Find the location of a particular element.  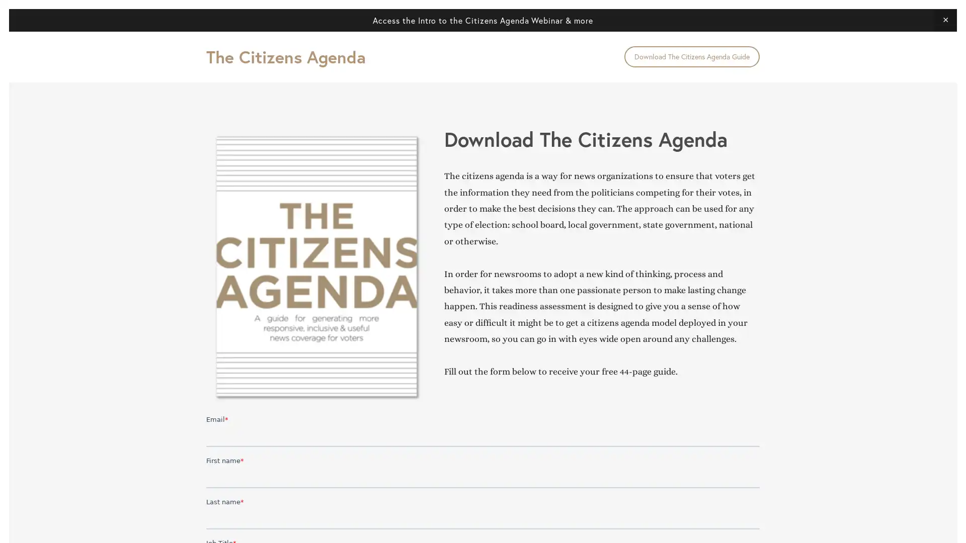

Close Announcement is located at coordinates (945, 20).